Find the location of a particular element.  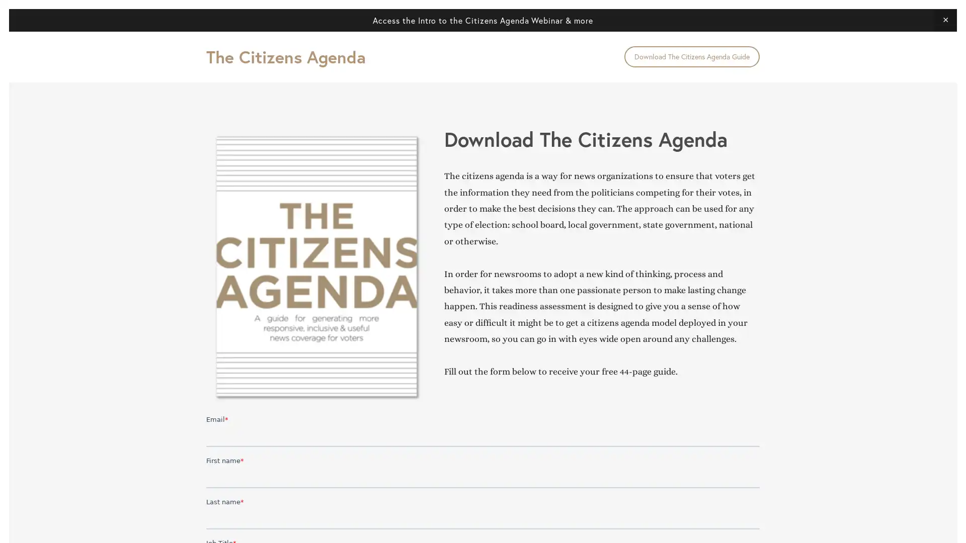

Close Announcement is located at coordinates (945, 20).